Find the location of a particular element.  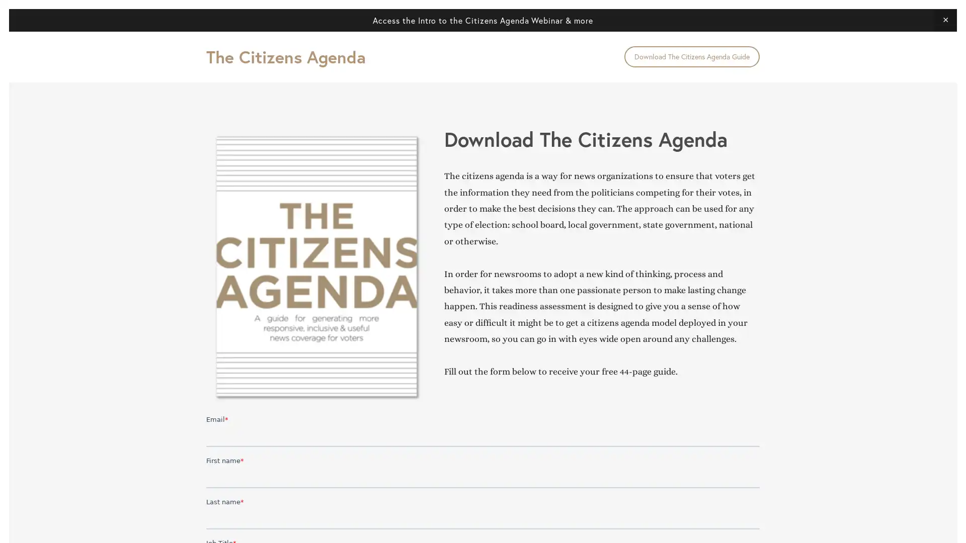

Close Announcement is located at coordinates (945, 20).